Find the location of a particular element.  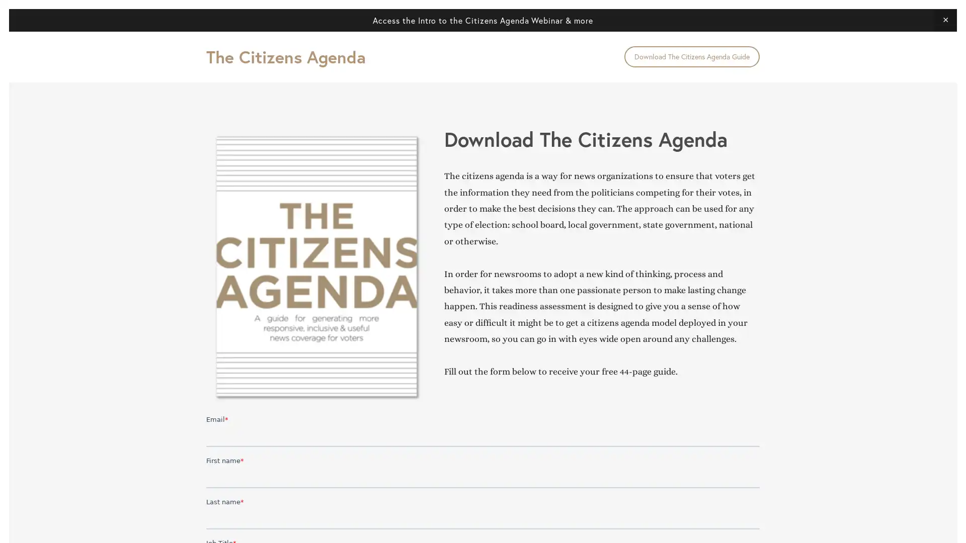

Close Announcement is located at coordinates (945, 20).